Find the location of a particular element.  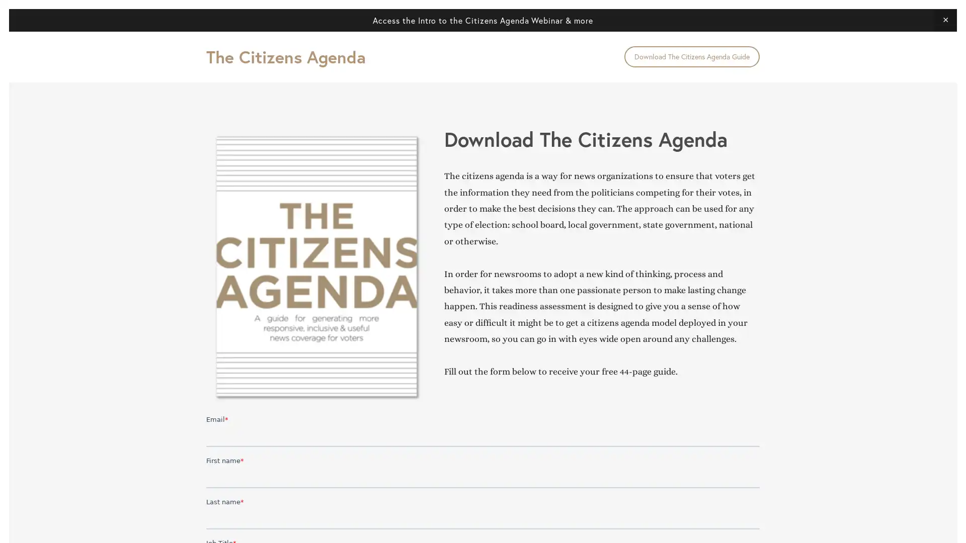

Close Announcement is located at coordinates (945, 20).